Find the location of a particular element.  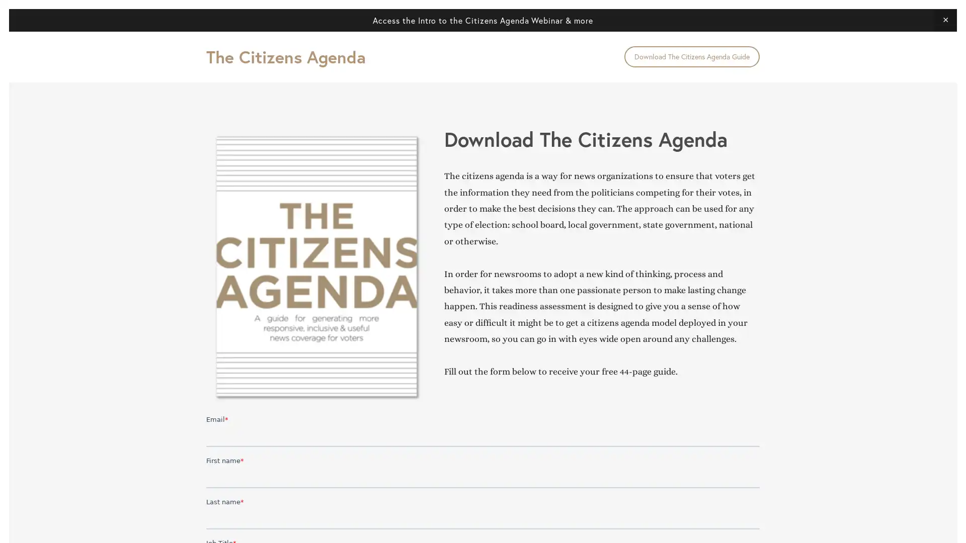

Close Announcement is located at coordinates (945, 20).